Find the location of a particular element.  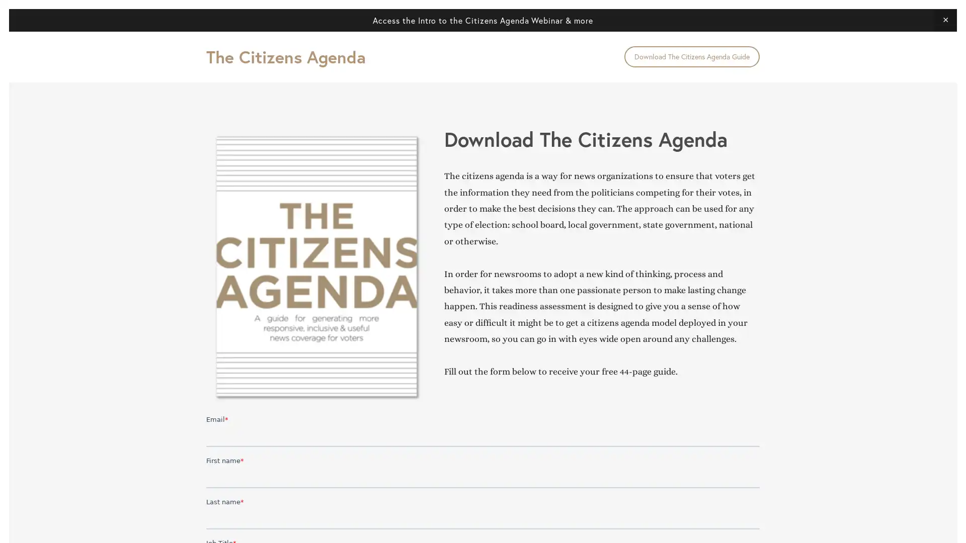

Close Announcement is located at coordinates (945, 20).